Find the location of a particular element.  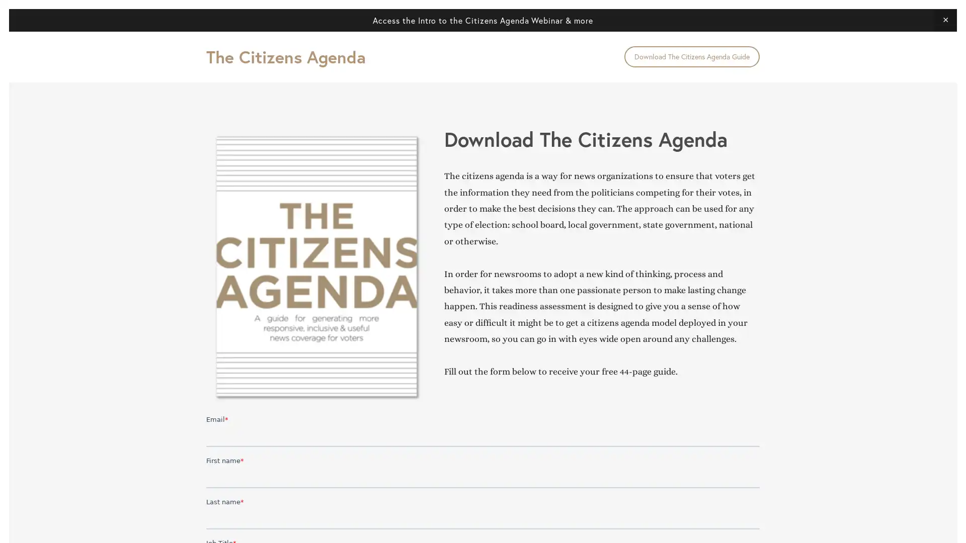

Close Announcement is located at coordinates (945, 20).